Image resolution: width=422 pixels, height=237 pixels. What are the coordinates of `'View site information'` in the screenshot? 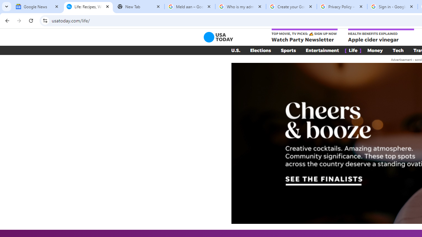 It's located at (45, 20).